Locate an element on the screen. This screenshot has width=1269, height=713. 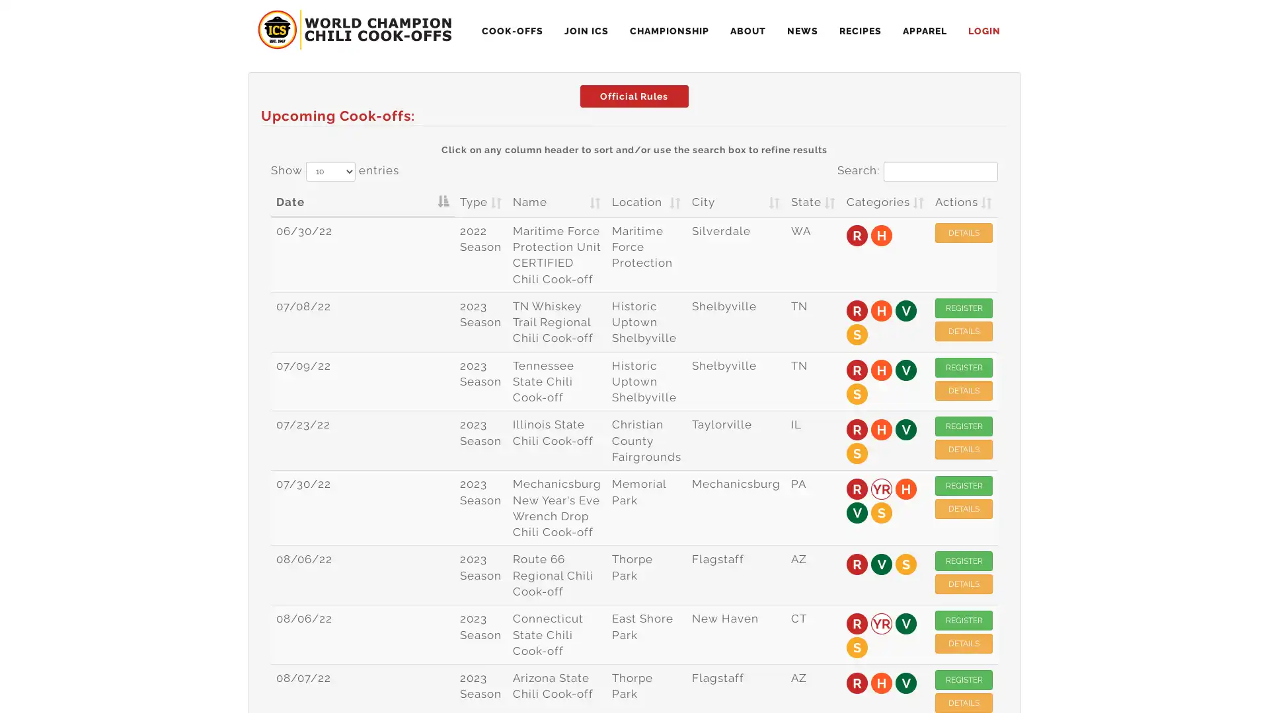
REGISTER is located at coordinates (964, 486).